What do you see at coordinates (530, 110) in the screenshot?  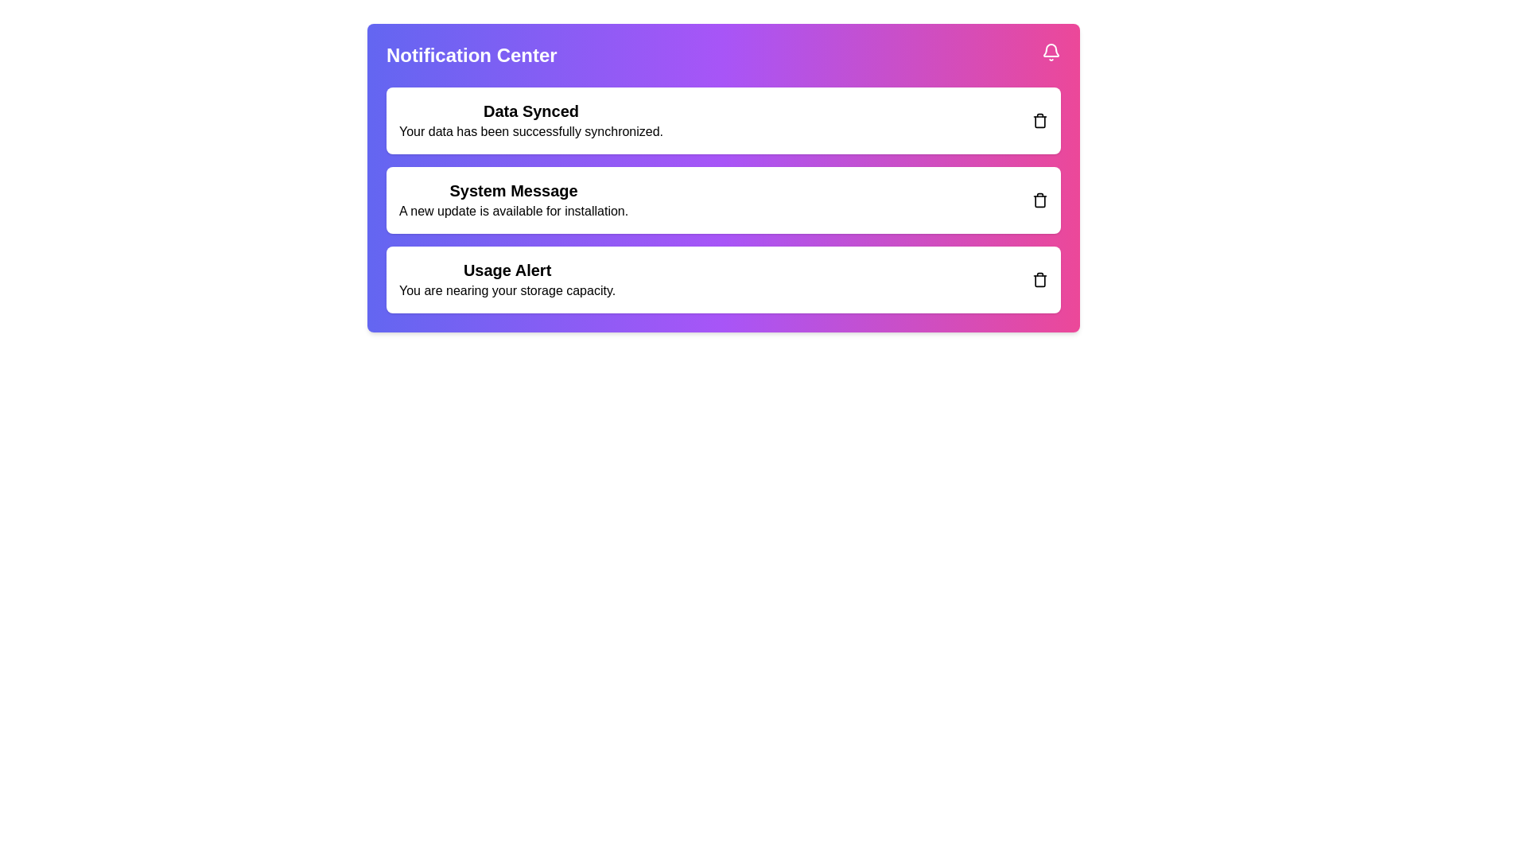 I see `the 'Data Synced' label located at the top left of the notification panel, which is displayed in bold and larger text compared to the descriptive text below it` at bounding box center [530, 110].